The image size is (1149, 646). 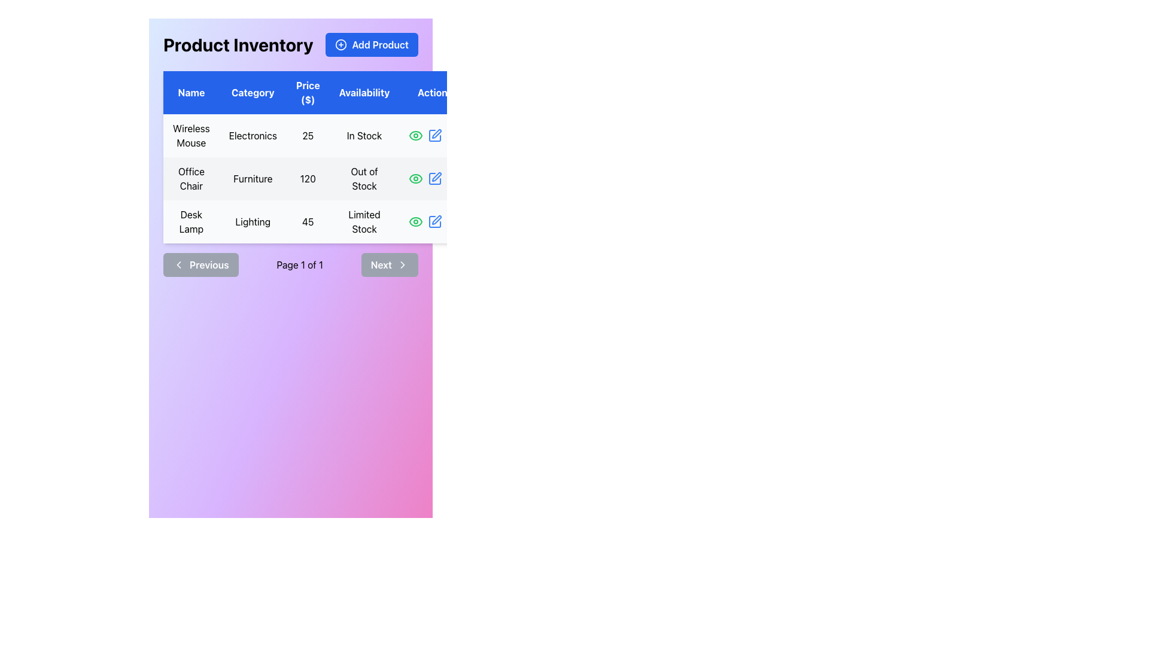 What do you see at coordinates (434, 135) in the screenshot?
I see `the edit icon button located in the 'Actions' column of the first row in the table` at bounding box center [434, 135].